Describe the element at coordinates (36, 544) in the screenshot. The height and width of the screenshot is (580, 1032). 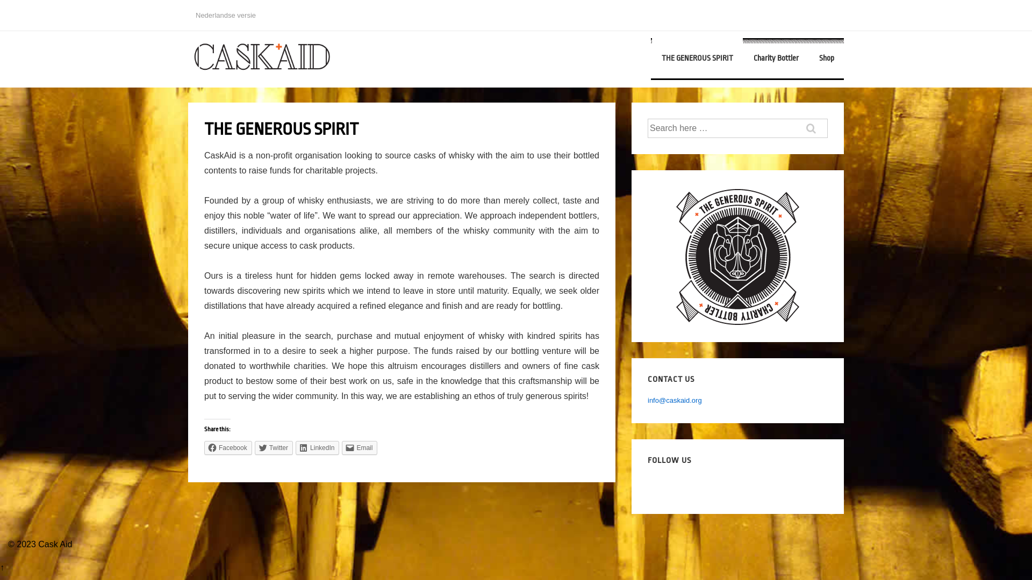
I see `'Cask Aid'` at that location.